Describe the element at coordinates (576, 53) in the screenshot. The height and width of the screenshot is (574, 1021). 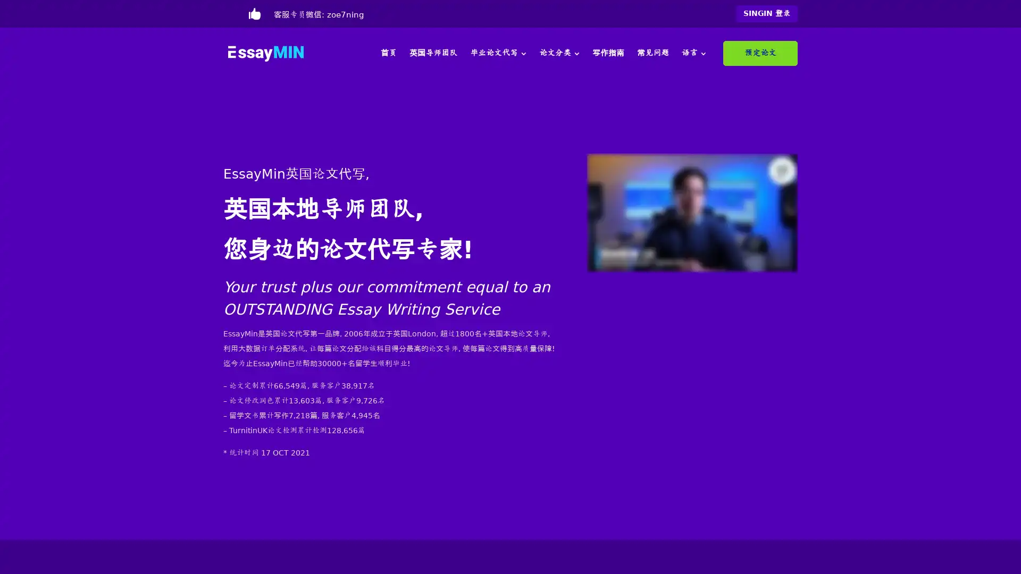
I see `3` at that location.